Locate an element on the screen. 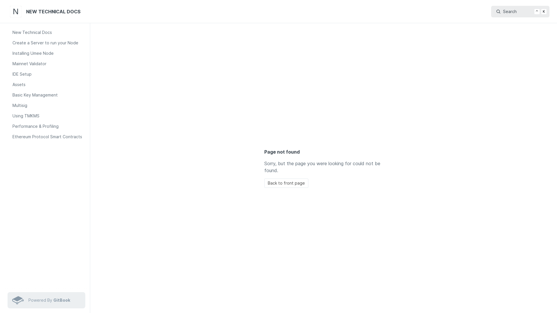 This screenshot has width=557, height=313. 'Powered By GitBook' is located at coordinates (46, 300).